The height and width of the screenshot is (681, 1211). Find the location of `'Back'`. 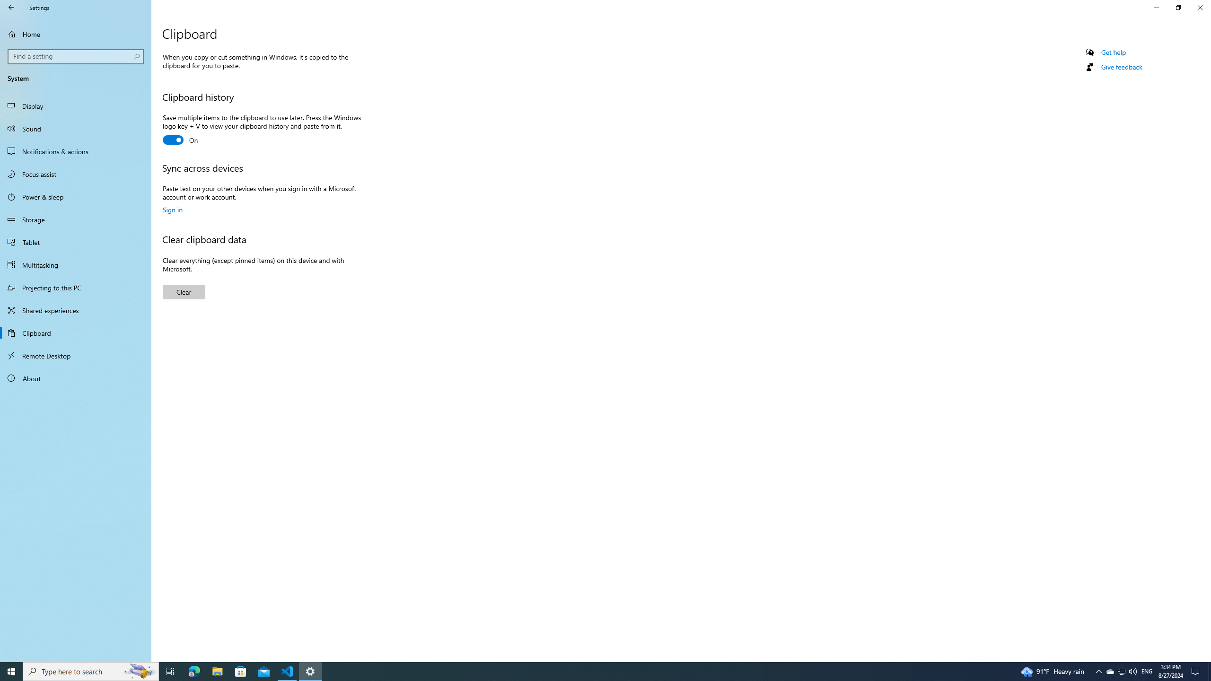

'Back' is located at coordinates (11, 7).